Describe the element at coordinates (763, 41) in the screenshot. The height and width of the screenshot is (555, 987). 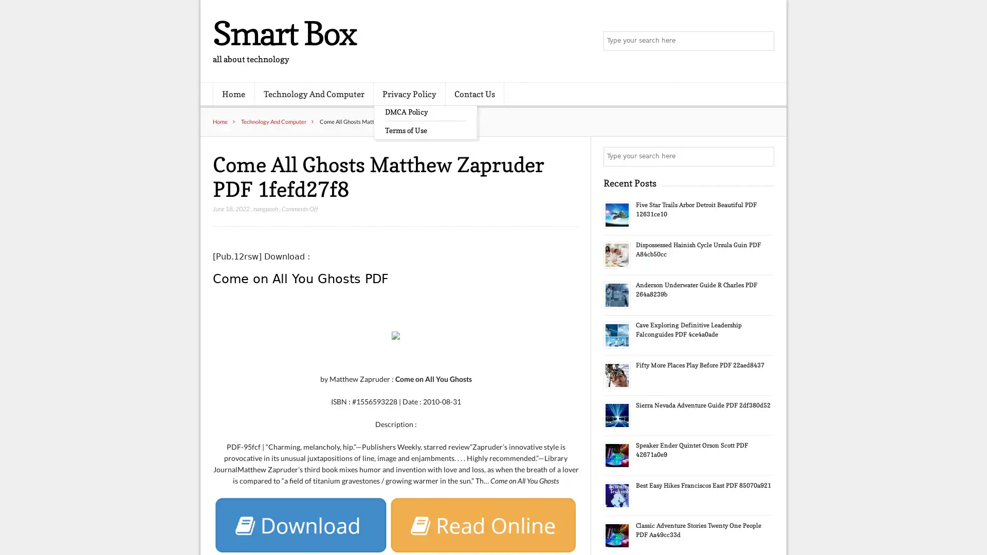
I see `Search` at that location.